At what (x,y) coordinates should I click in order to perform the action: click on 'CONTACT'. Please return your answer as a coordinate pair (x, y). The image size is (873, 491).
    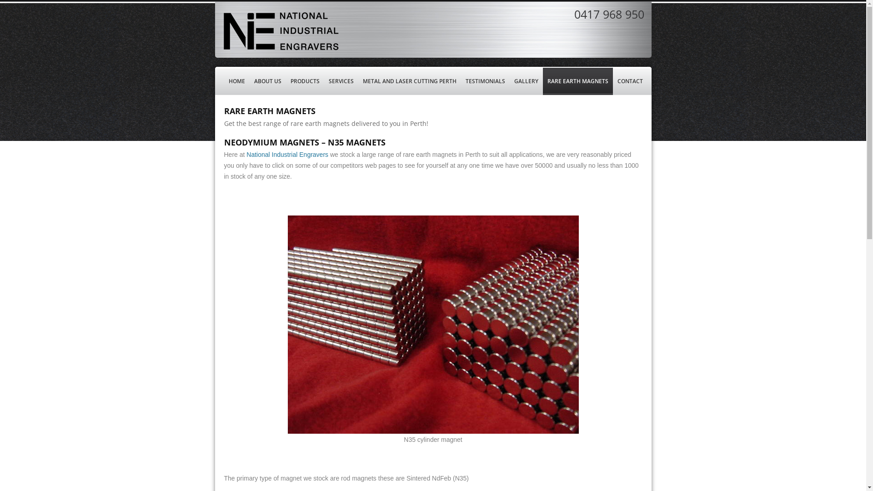
    Looking at the image, I should click on (613, 80).